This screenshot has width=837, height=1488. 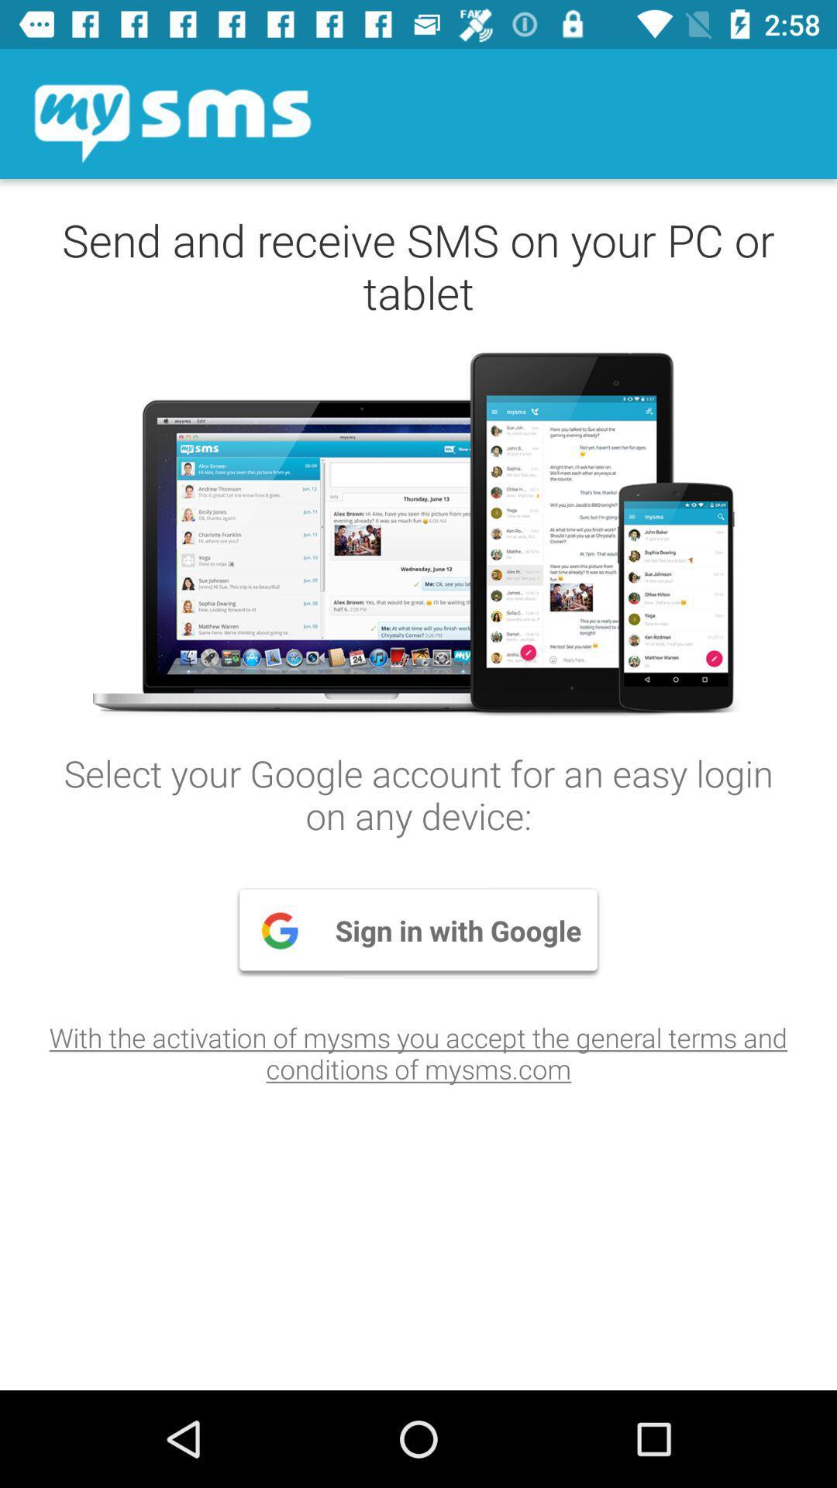 I want to click on the sign in with icon, so click(x=418, y=930).